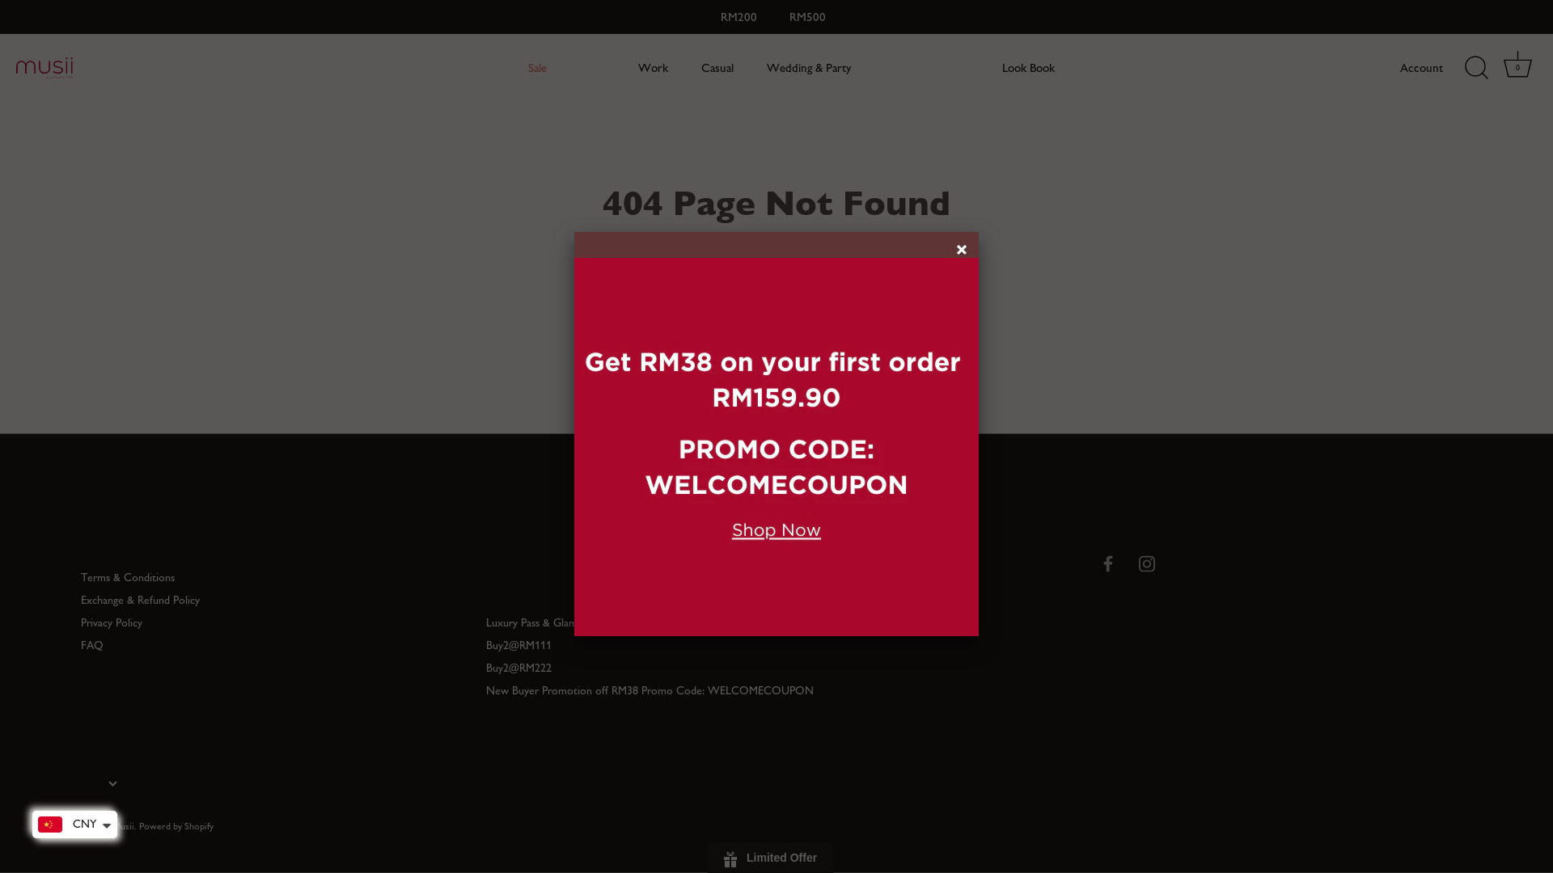 The width and height of the screenshot is (1553, 873). I want to click on 'Powerd by Shopify', so click(176, 825).